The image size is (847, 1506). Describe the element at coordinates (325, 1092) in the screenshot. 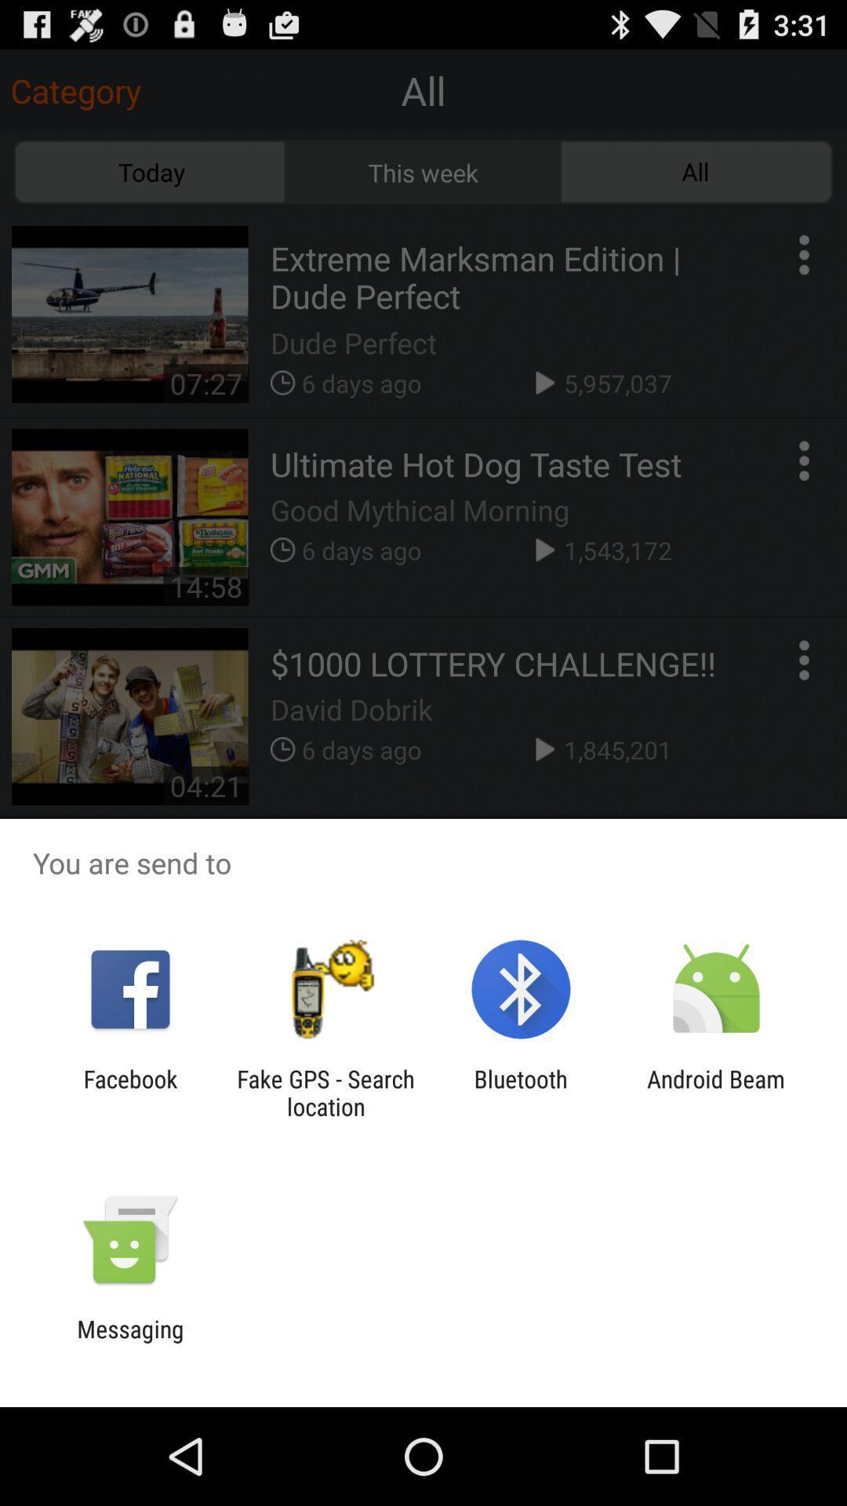

I see `the fake gps search icon` at that location.